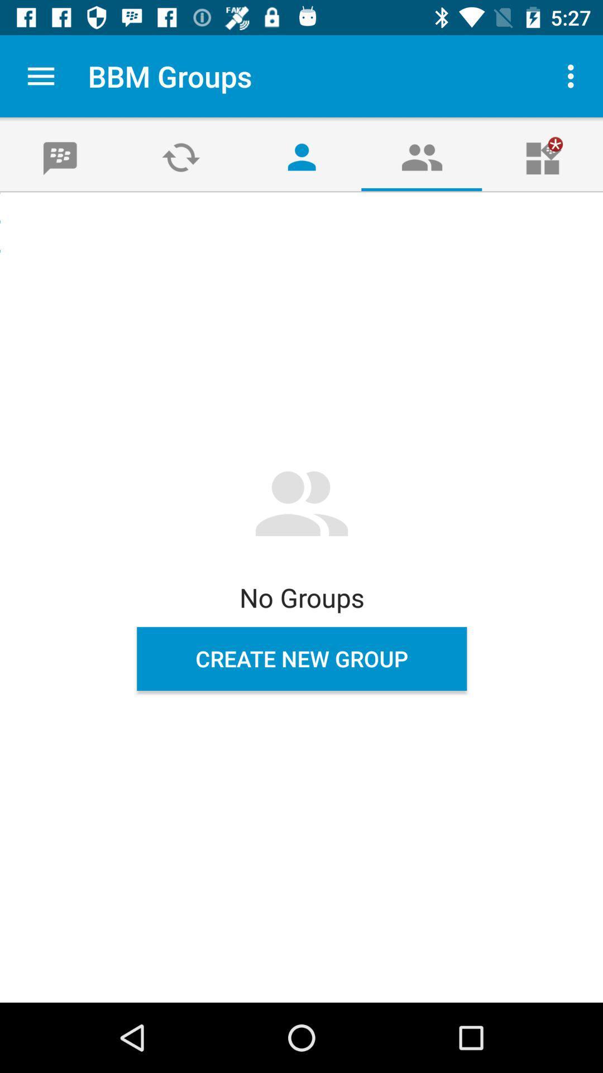 The width and height of the screenshot is (603, 1073). Describe the element at coordinates (301, 659) in the screenshot. I see `create new group icon` at that location.